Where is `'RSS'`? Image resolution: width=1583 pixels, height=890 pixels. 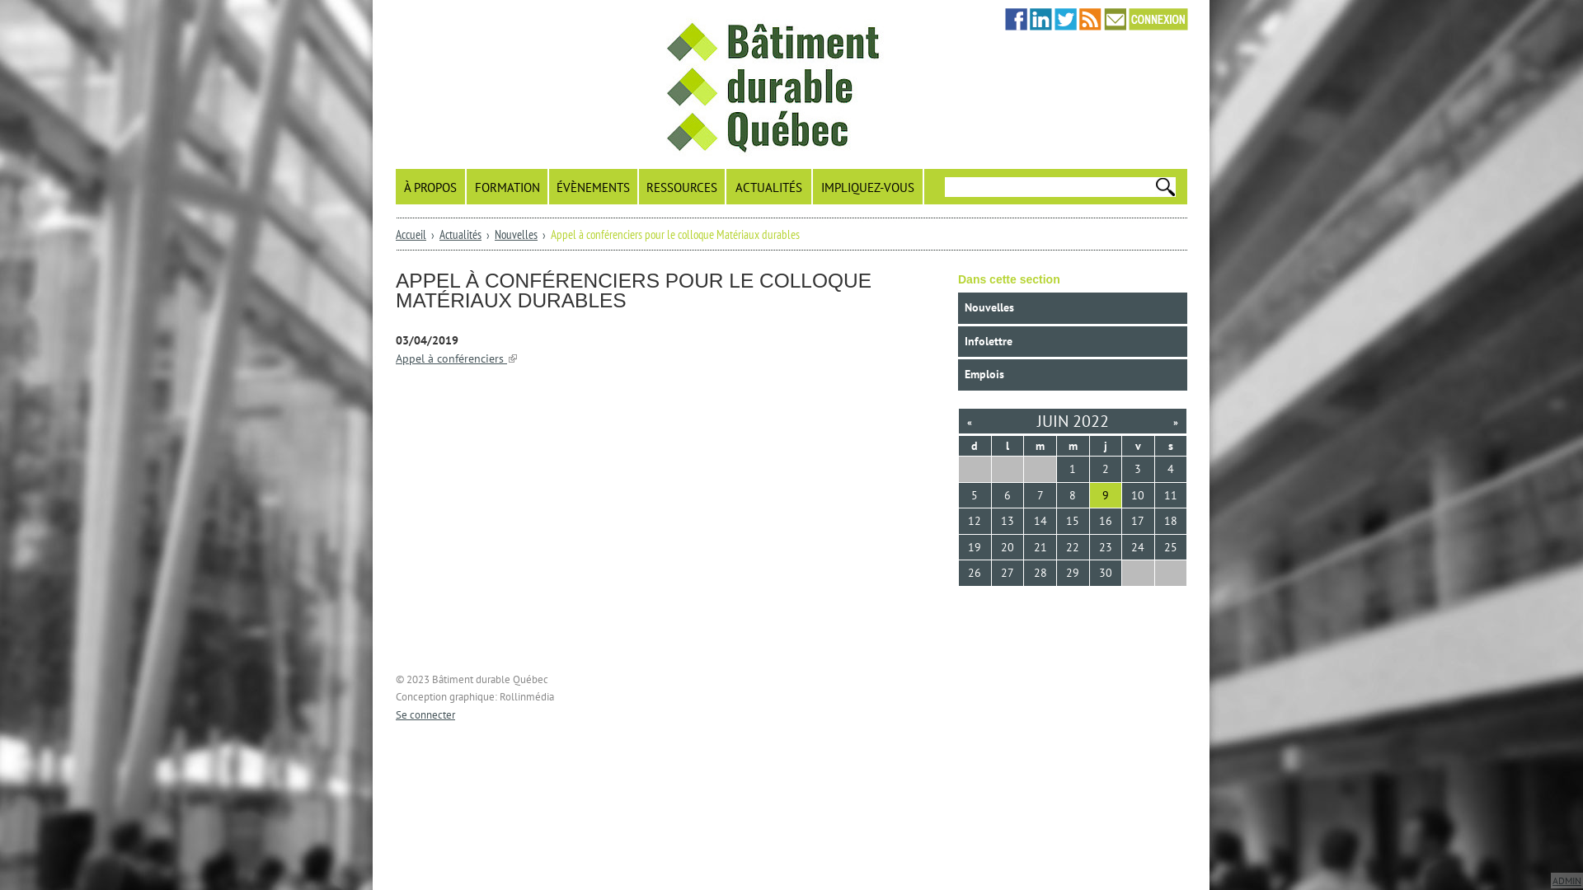 'RSS' is located at coordinates (1090, 19).